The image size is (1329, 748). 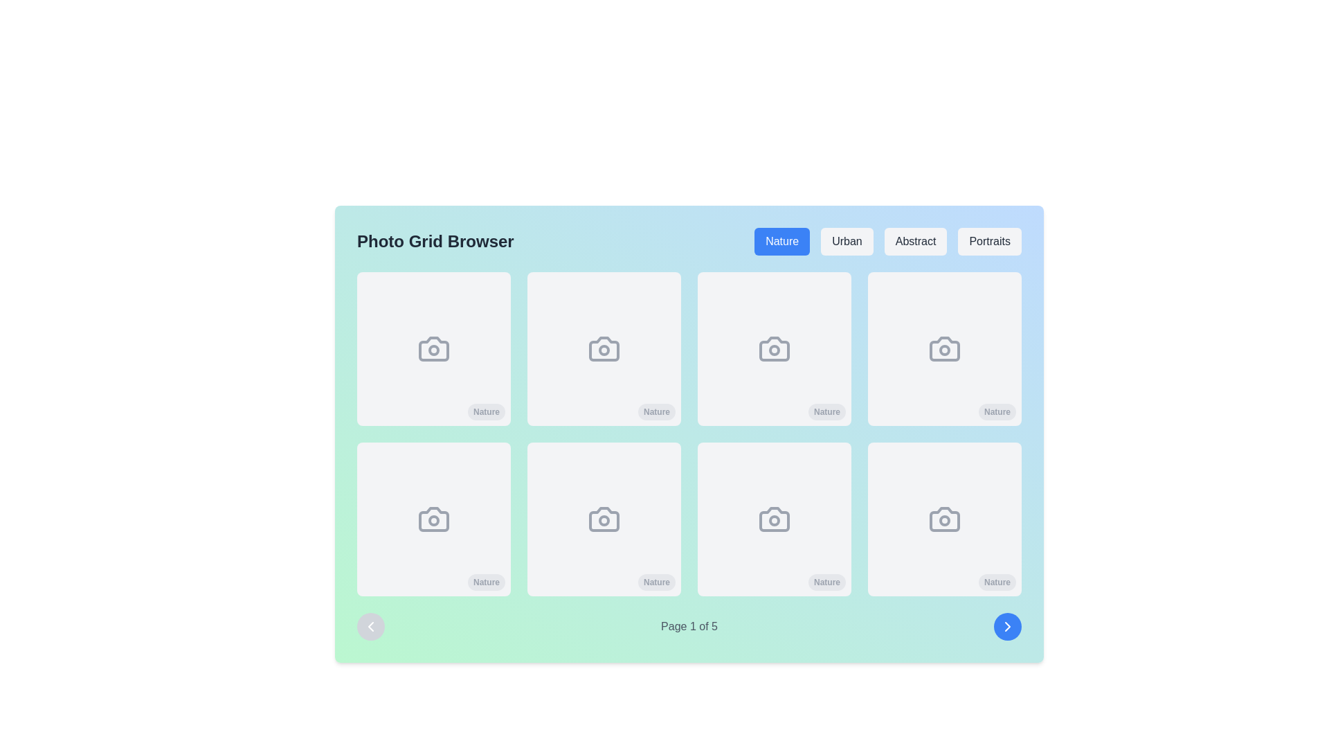 What do you see at coordinates (433, 519) in the screenshot?
I see `the fifth grid item card, which has a light gray background, rounded corners, and contains a camera icon with 'Nature' text at the bottom right` at bounding box center [433, 519].